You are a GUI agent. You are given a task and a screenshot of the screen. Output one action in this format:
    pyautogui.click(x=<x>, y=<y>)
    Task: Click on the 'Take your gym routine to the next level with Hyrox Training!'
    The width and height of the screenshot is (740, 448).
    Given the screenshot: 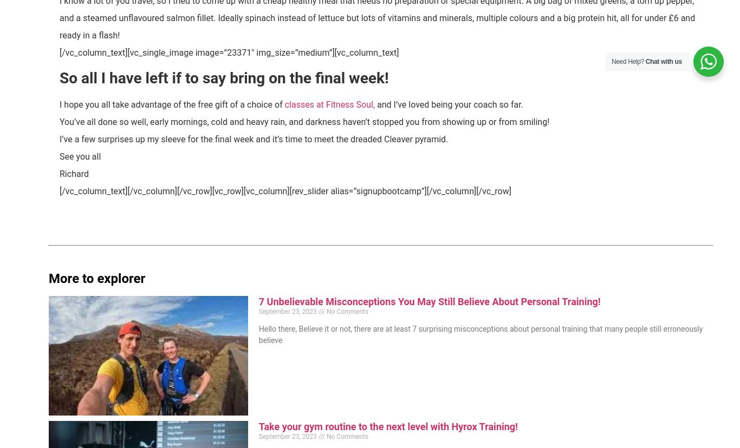 What is the action you would take?
    pyautogui.click(x=388, y=426)
    